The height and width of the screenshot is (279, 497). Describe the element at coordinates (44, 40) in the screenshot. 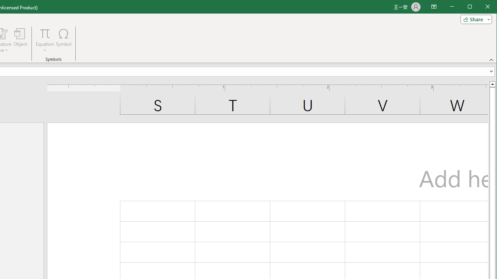

I see `'Equation'` at that location.